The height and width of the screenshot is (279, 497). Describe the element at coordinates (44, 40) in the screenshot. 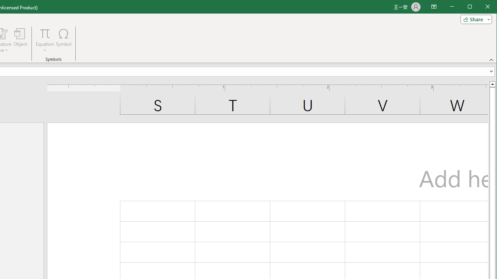

I see `'Equation'` at that location.